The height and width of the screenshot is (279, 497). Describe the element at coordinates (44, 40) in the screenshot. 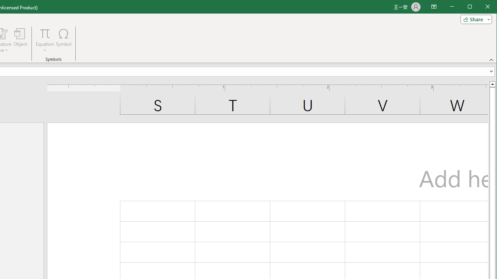

I see `'Equation'` at that location.